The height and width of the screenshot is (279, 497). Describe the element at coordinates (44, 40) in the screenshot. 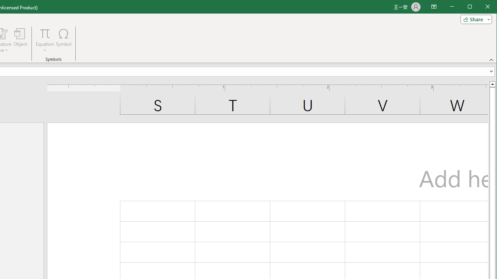

I see `'Equation'` at that location.